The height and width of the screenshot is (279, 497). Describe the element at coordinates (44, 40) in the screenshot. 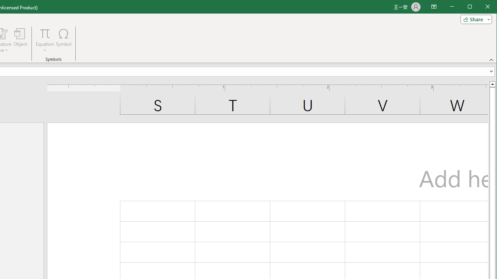

I see `'Equation'` at that location.